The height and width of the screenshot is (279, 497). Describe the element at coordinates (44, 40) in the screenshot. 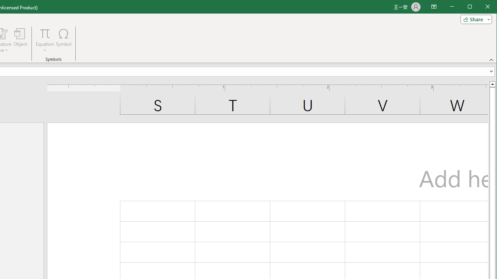

I see `'Equation'` at that location.